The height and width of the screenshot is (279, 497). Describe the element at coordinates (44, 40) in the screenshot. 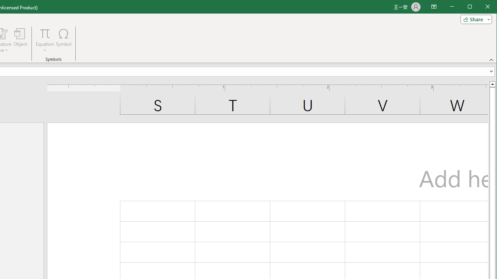

I see `'Equation'` at that location.